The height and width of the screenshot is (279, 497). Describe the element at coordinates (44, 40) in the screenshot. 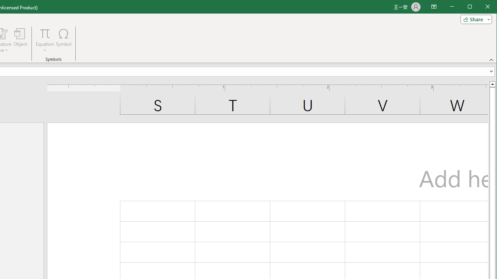

I see `'Equation'` at that location.